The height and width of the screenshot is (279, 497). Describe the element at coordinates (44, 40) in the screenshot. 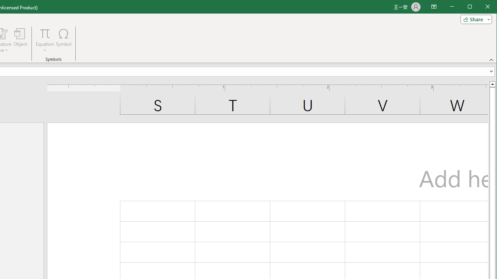

I see `'Equation'` at that location.